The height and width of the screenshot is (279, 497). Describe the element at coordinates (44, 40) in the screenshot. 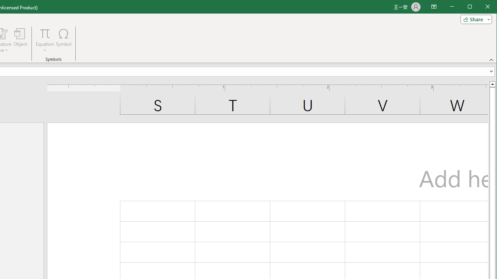

I see `'Equation'` at that location.